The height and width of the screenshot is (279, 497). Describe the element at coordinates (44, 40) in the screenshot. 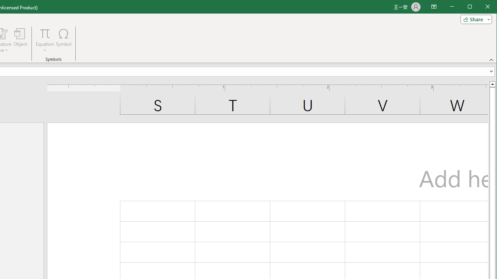

I see `'Equation'` at that location.